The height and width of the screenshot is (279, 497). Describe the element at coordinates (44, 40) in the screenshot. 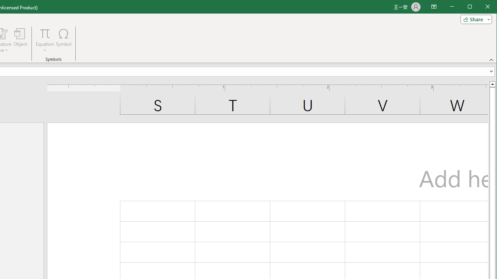

I see `'Equation'` at that location.